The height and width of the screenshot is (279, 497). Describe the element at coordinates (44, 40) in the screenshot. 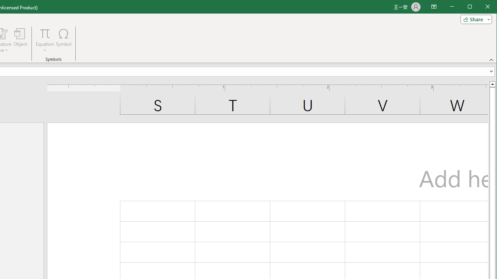

I see `'Equation'` at that location.